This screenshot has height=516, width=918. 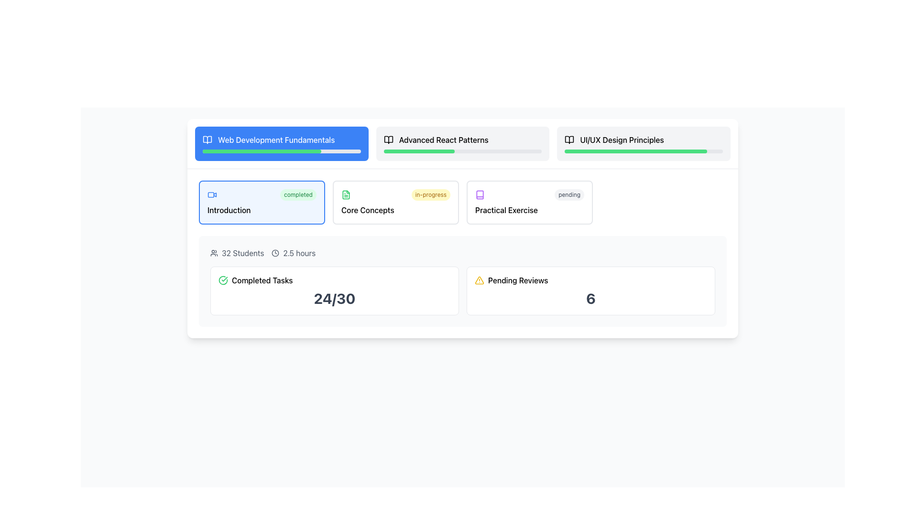 What do you see at coordinates (529, 202) in the screenshot?
I see `the 'Practical Exercise' card in the third column of the grid layout` at bounding box center [529, 202].